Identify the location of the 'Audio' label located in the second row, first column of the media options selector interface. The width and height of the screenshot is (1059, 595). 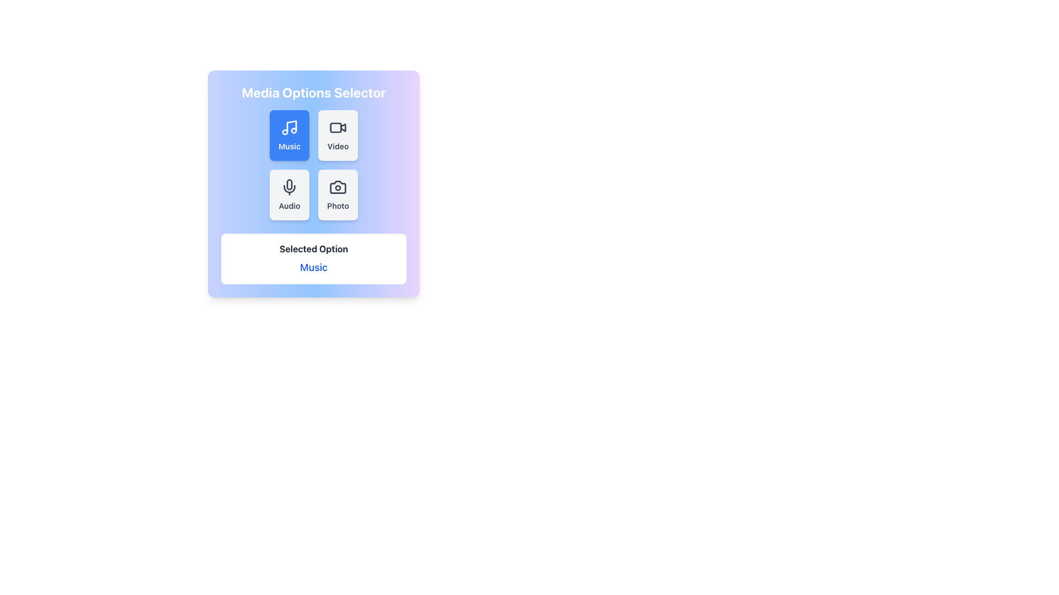
(289, 206).